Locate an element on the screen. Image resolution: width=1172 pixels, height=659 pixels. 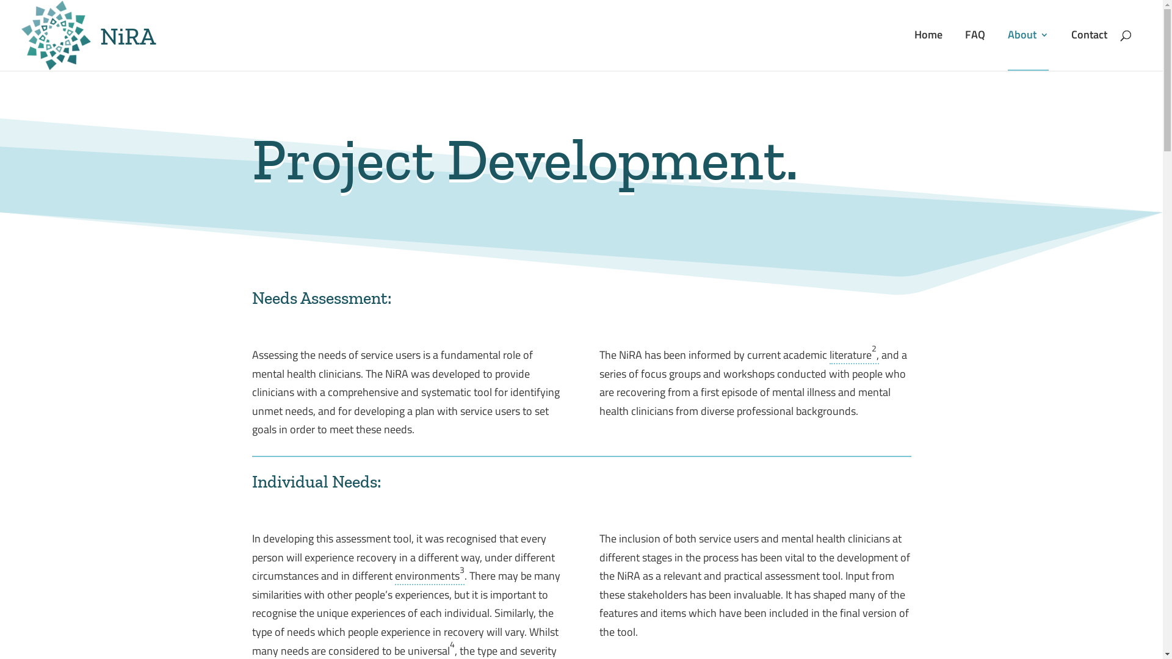
'FAQ' is located at coordinates (974, 49).